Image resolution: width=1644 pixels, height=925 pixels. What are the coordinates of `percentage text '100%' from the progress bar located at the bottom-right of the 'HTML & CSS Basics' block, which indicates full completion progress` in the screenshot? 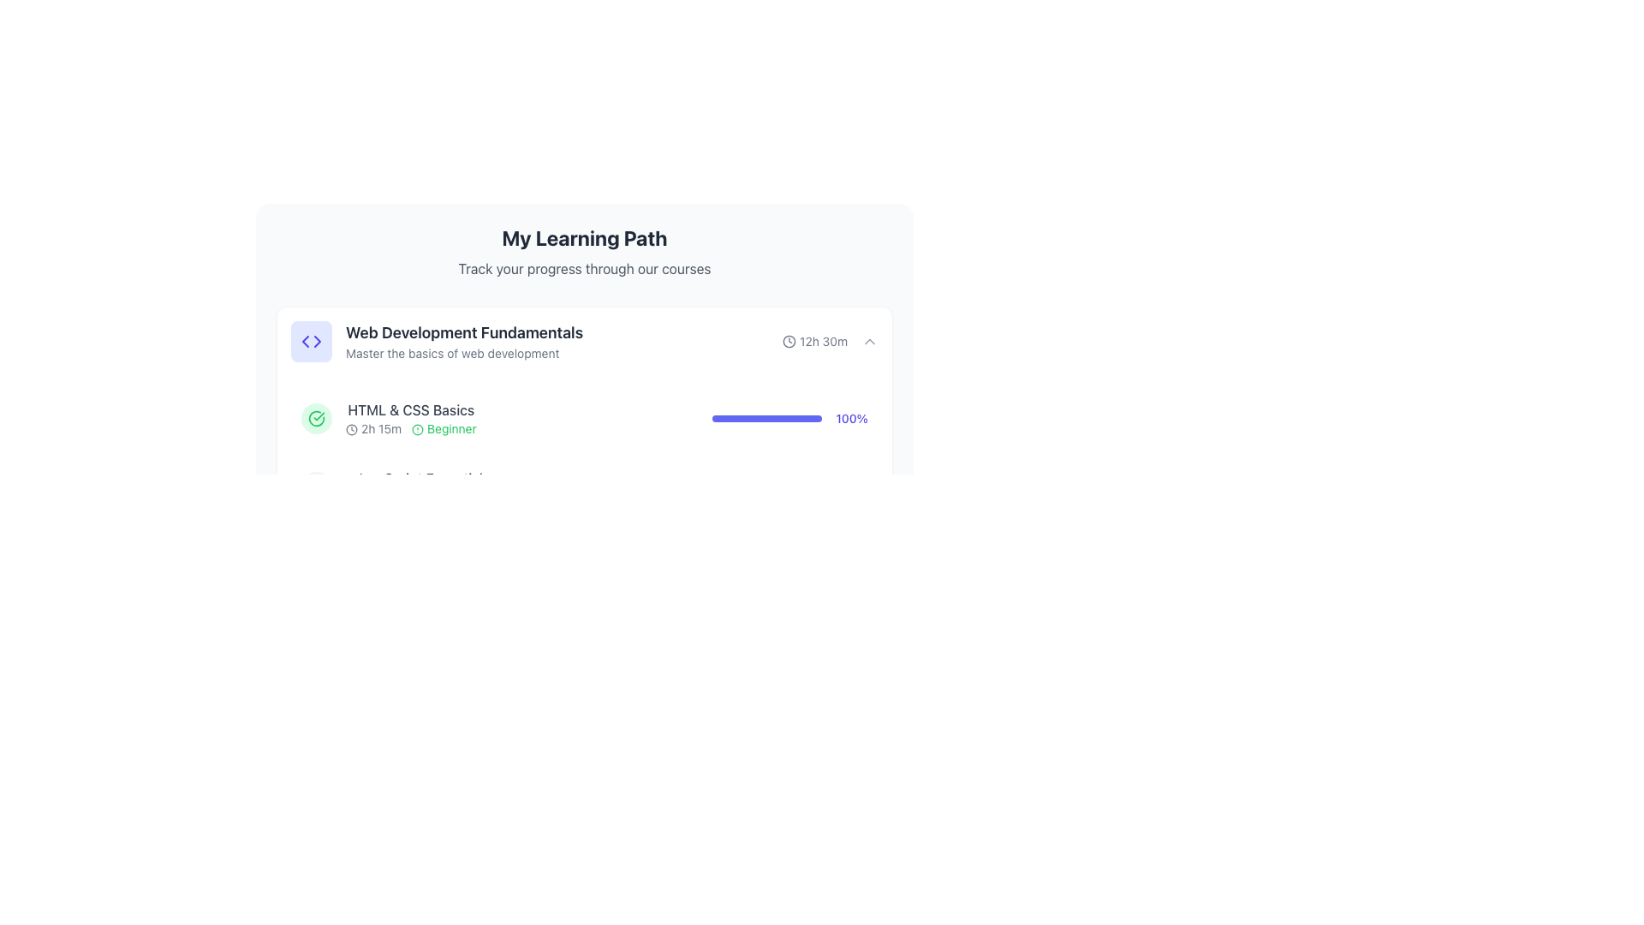 It's located at (789, 419).